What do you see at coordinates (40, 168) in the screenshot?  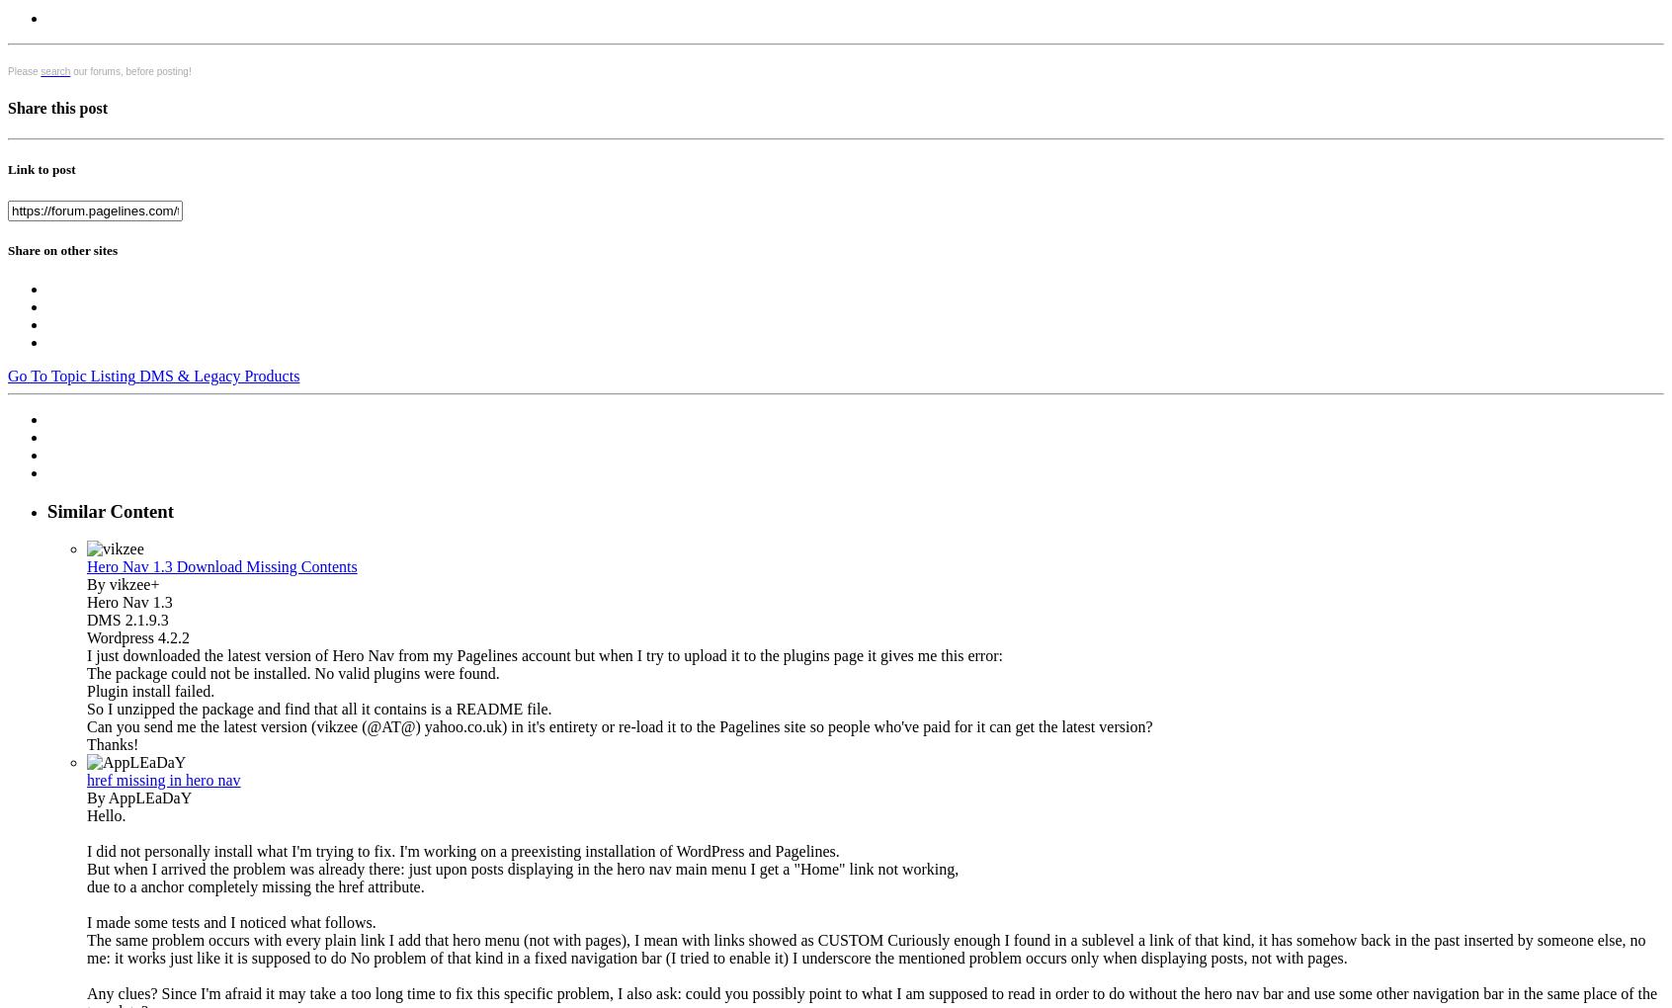 I see `'Link to post'` at bounding box center [40, 168].